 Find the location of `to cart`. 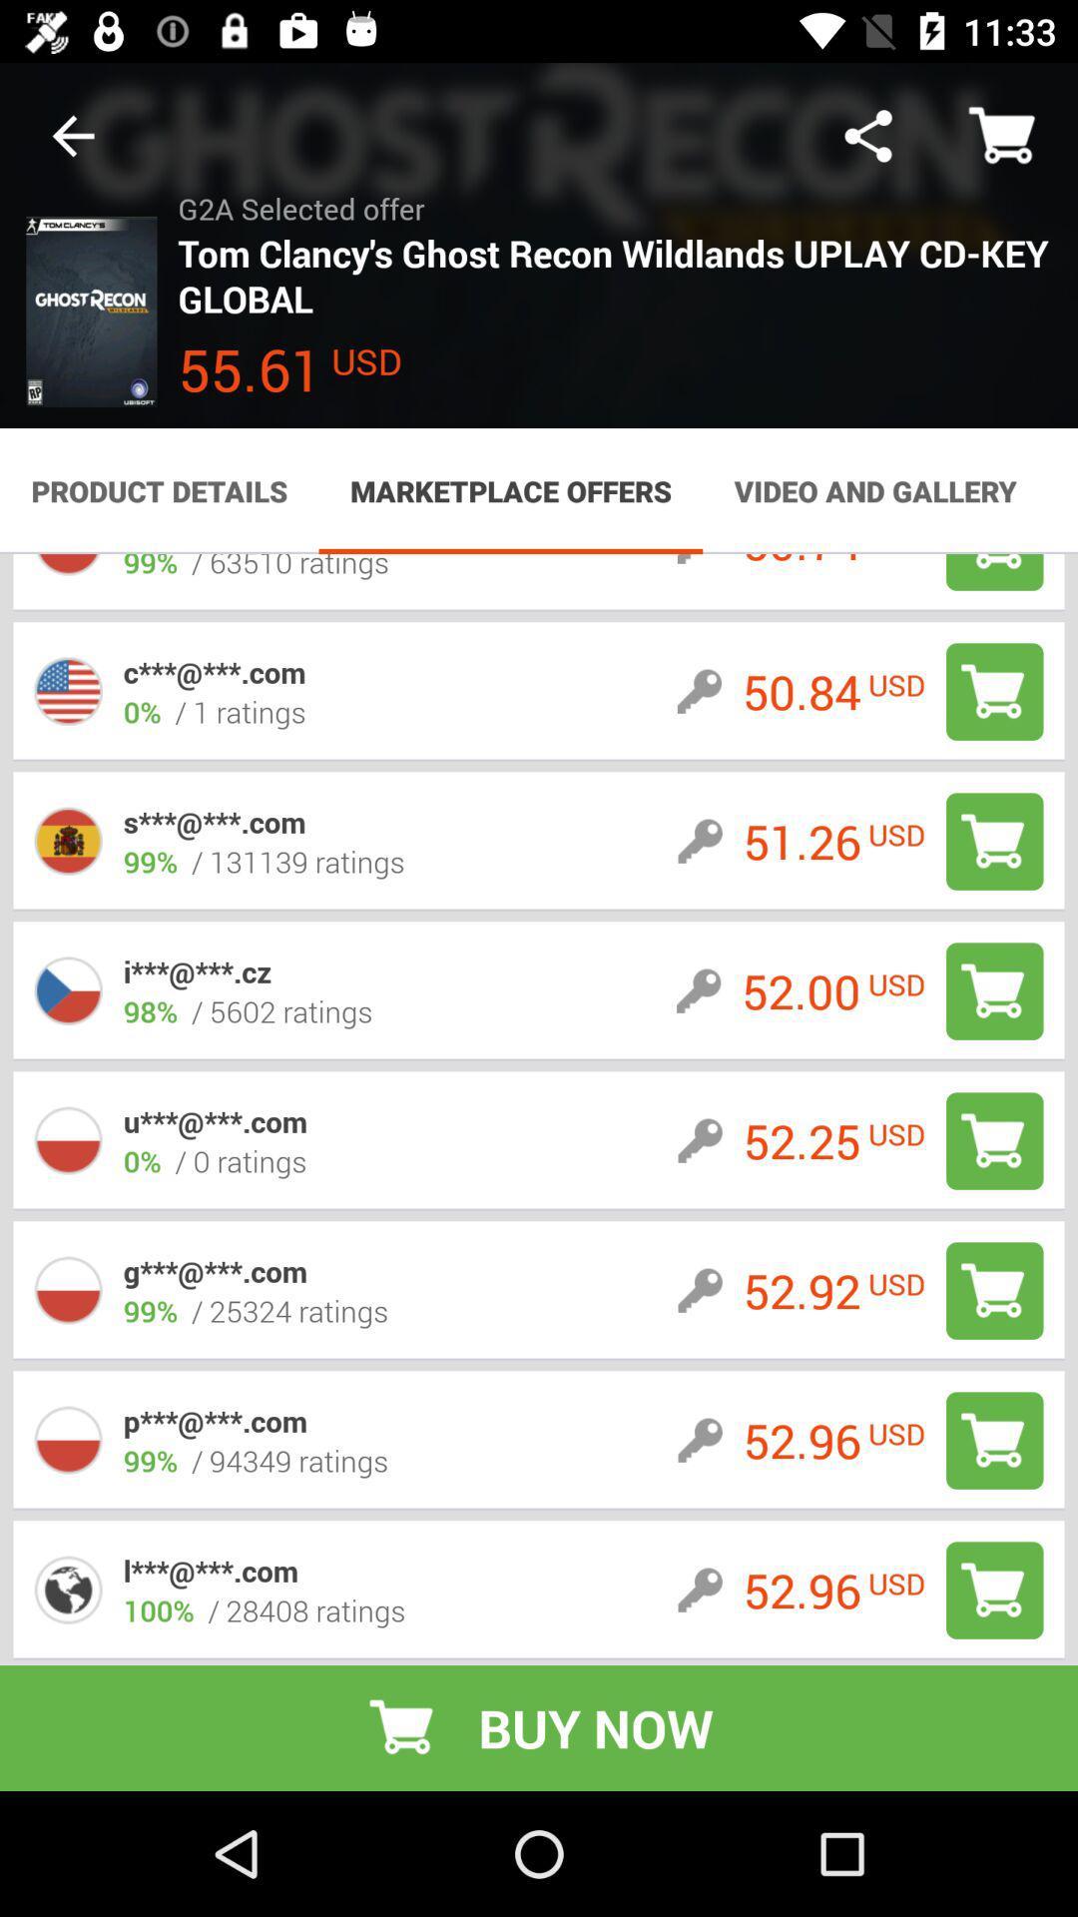

to cart is located at coordinates (994, 991).